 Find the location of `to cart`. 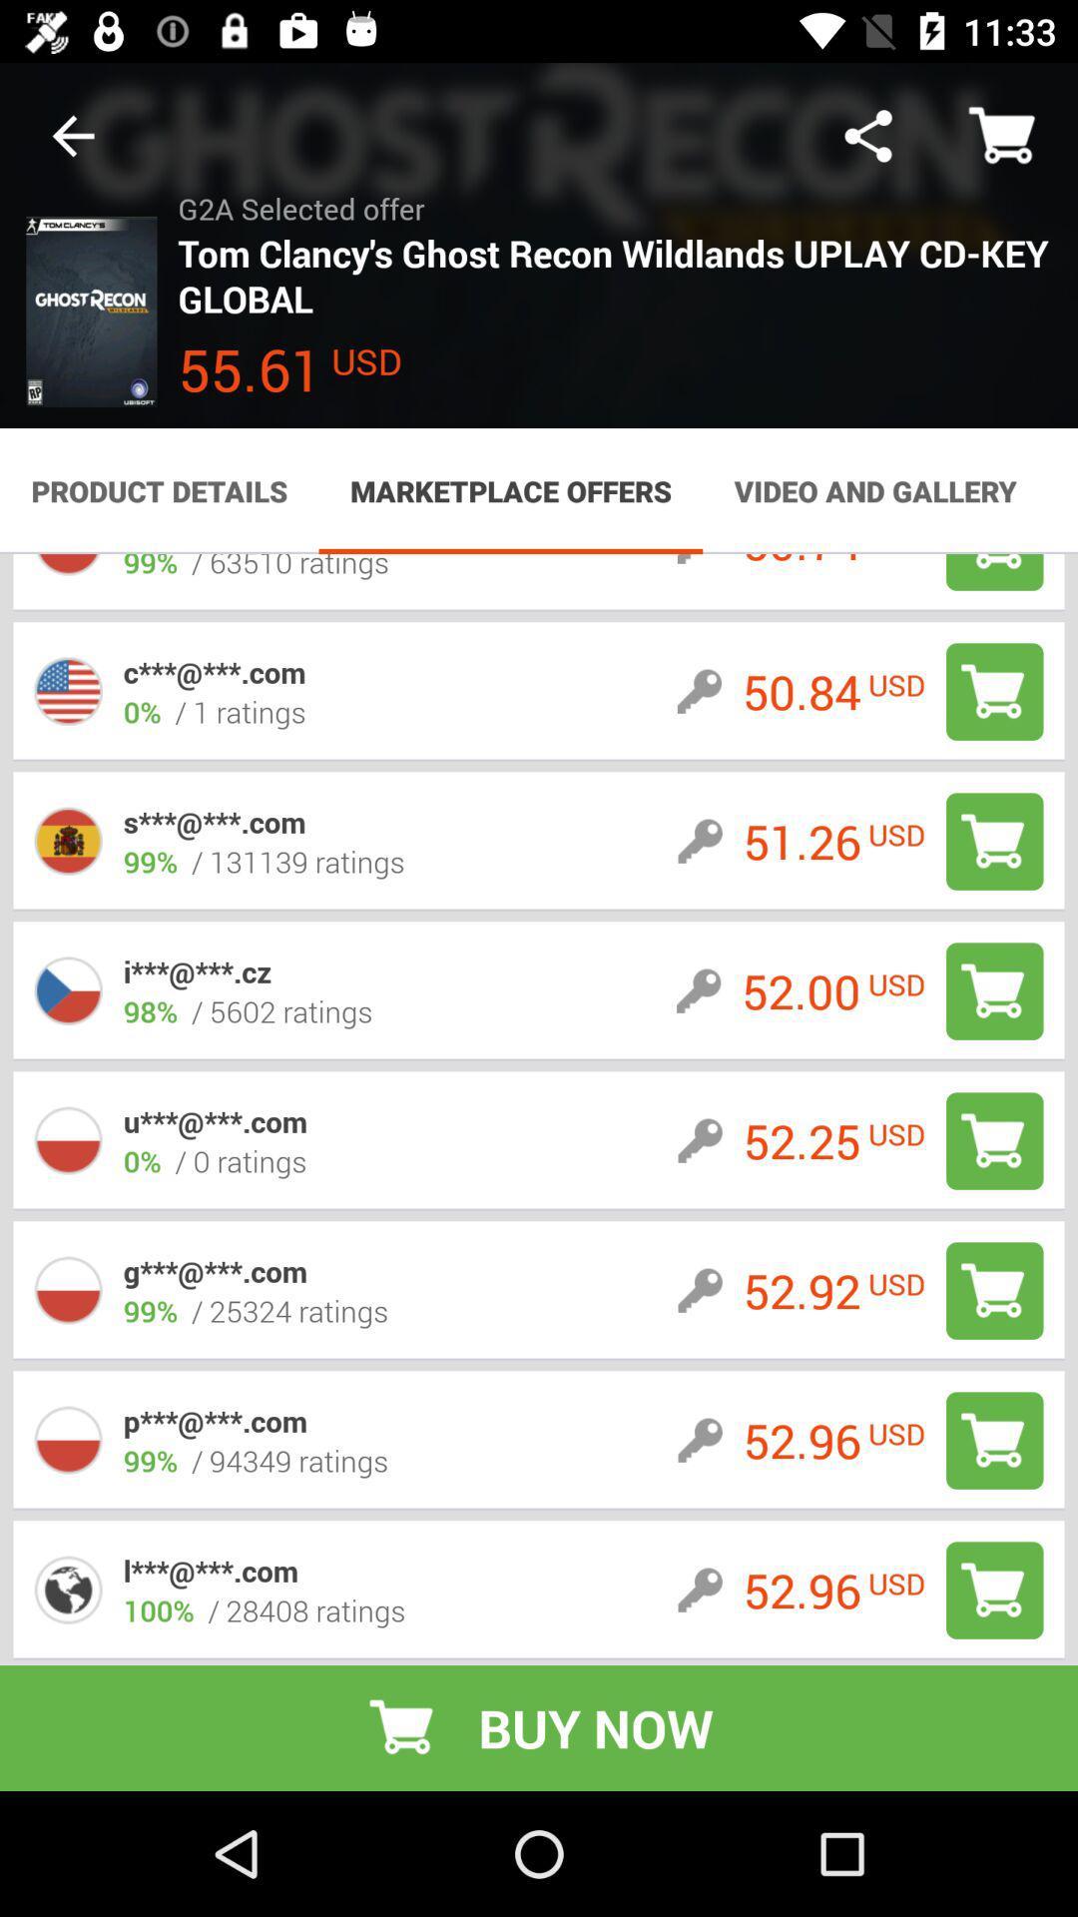

to cart is located at coordinates (994, 991).